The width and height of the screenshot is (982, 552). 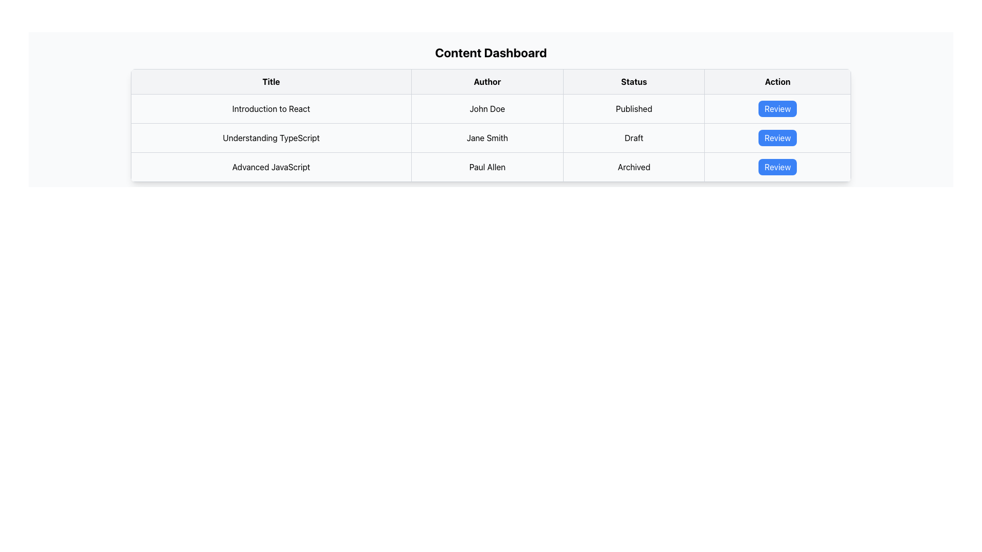 I want to click on the 'Action' table header which is the rightmost header in a horizontal row, characterized by bold text and a light gray background, so click(x=777, y=81).